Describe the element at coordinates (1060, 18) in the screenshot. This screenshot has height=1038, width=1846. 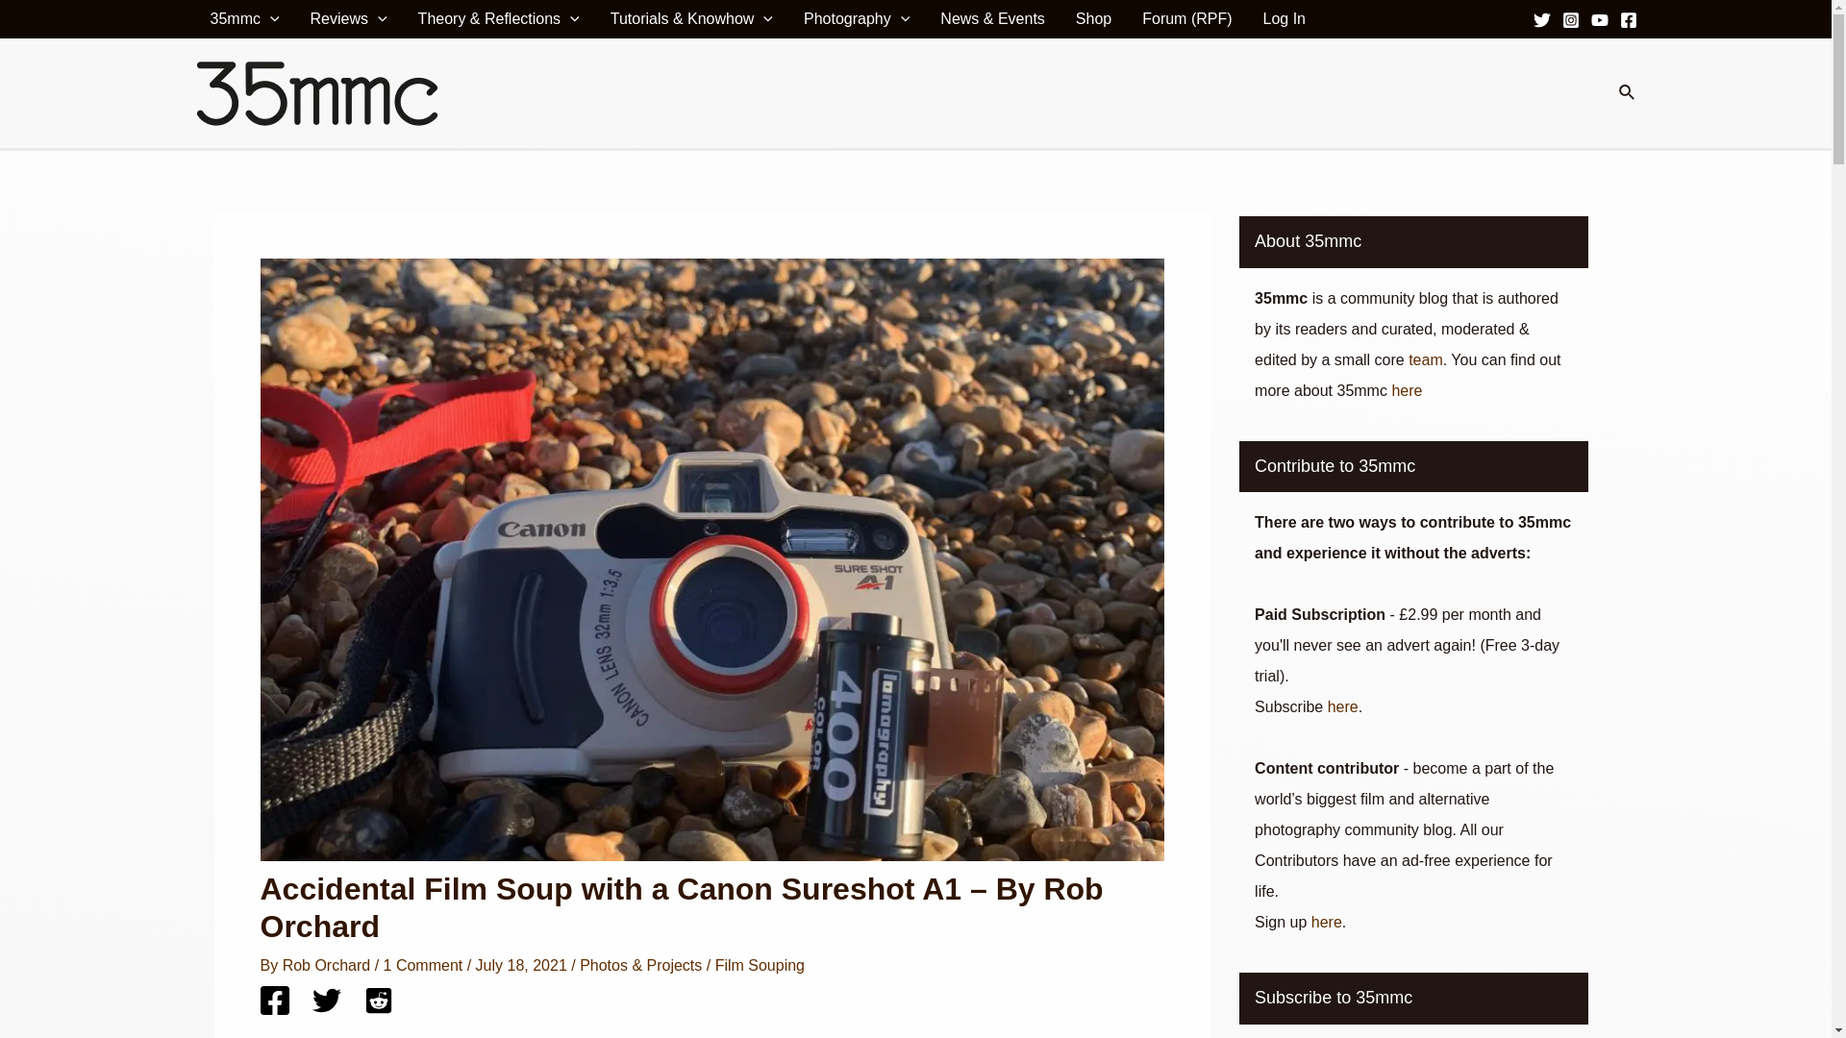
I see `'Shop'` at that location.